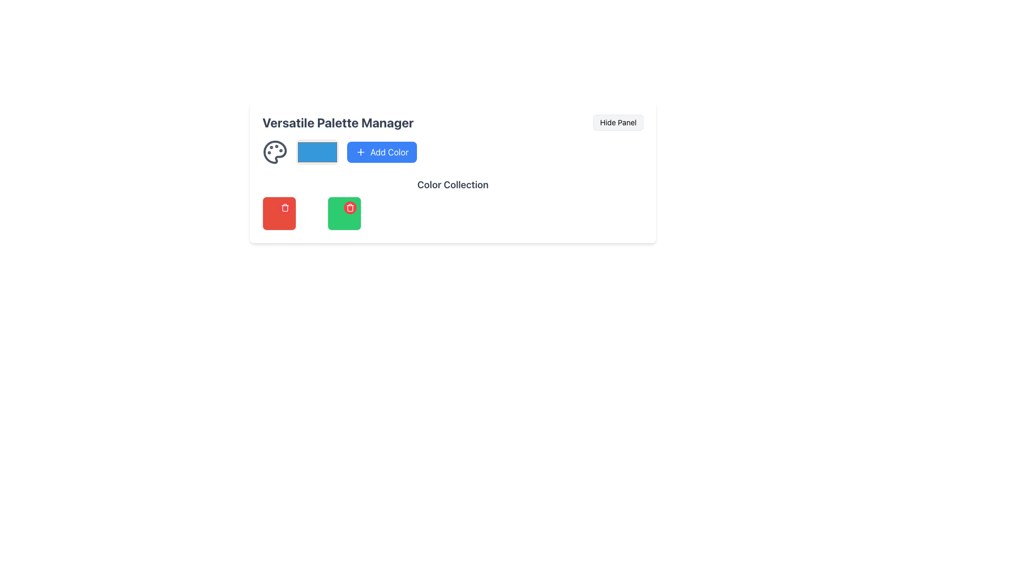  What do you see at coordinates (618, 122) in the screenshot?
I see `the button located in the top-right corner of the 'Versatile Palette Manager' panel to hide the panel` at bounding box center [618, 122].